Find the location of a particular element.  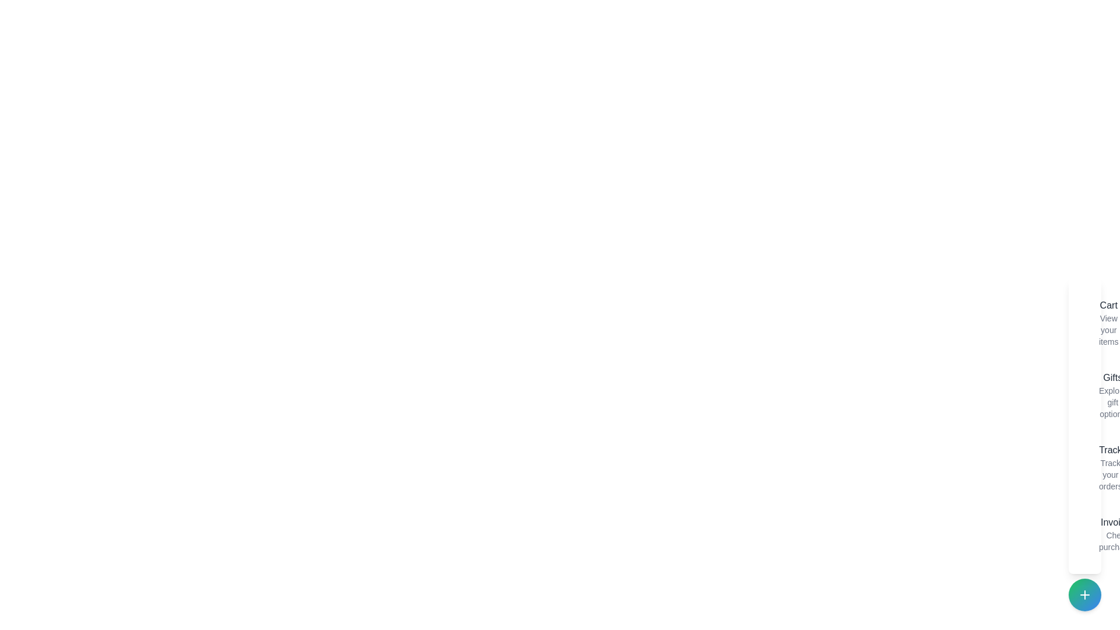

the option Gifts from the menu is located at coordinates (1088, 395).